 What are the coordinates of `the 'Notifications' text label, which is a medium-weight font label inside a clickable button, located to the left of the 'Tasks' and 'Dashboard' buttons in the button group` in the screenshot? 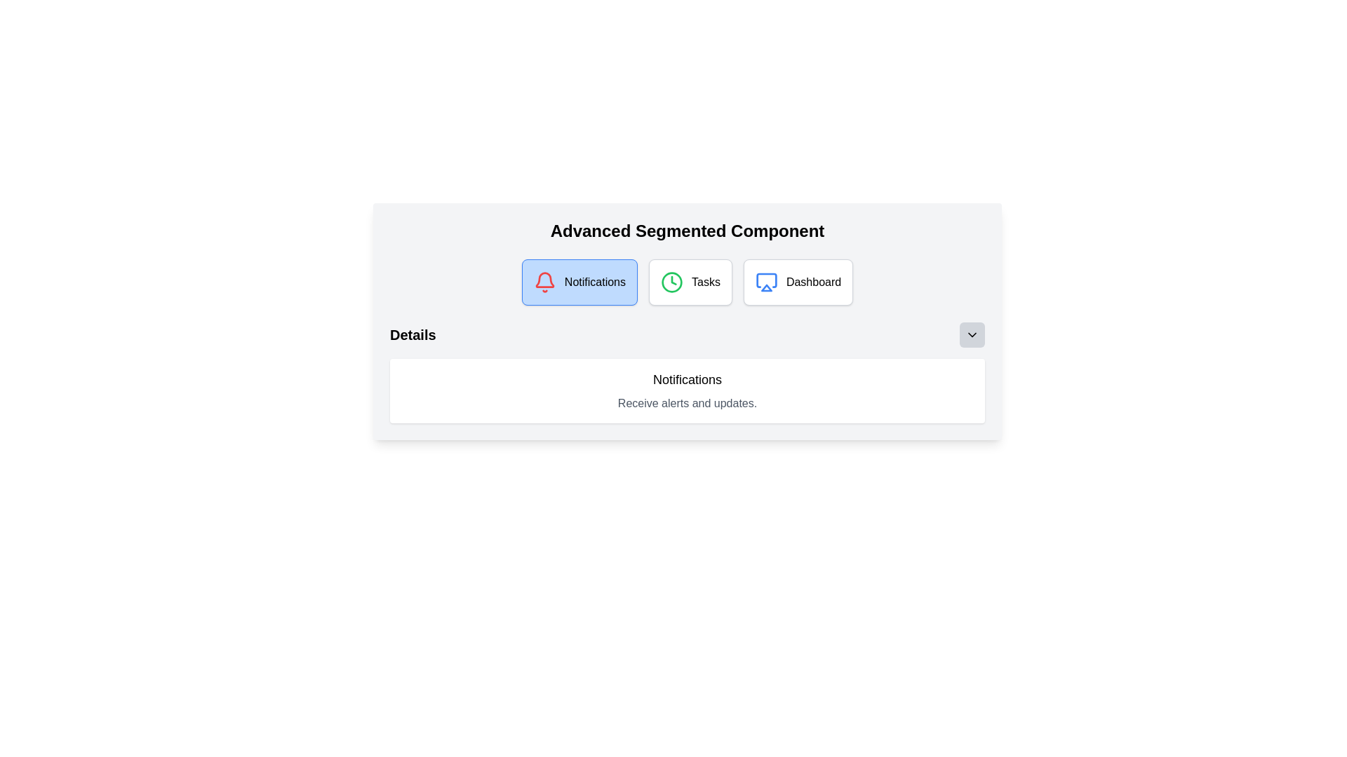 It's located at (595, 282).